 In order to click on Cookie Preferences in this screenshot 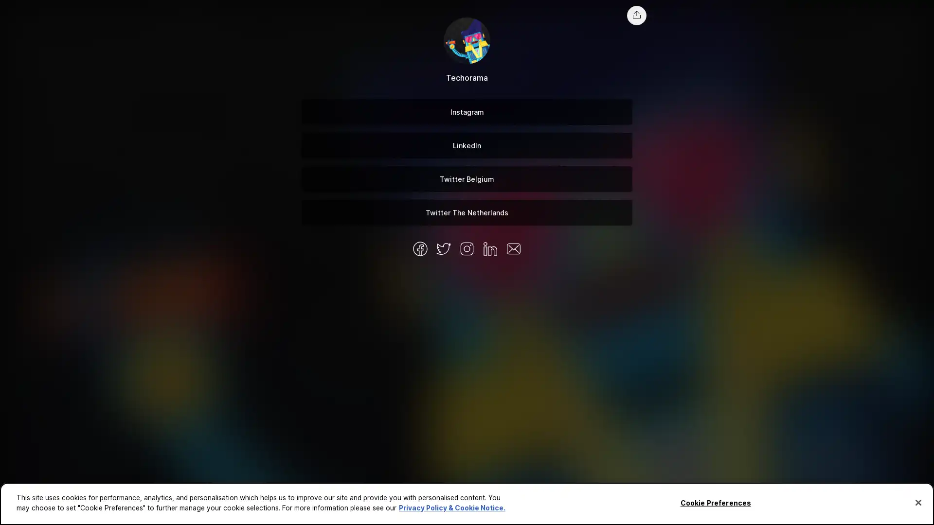, I will do `click(26, 510)`.